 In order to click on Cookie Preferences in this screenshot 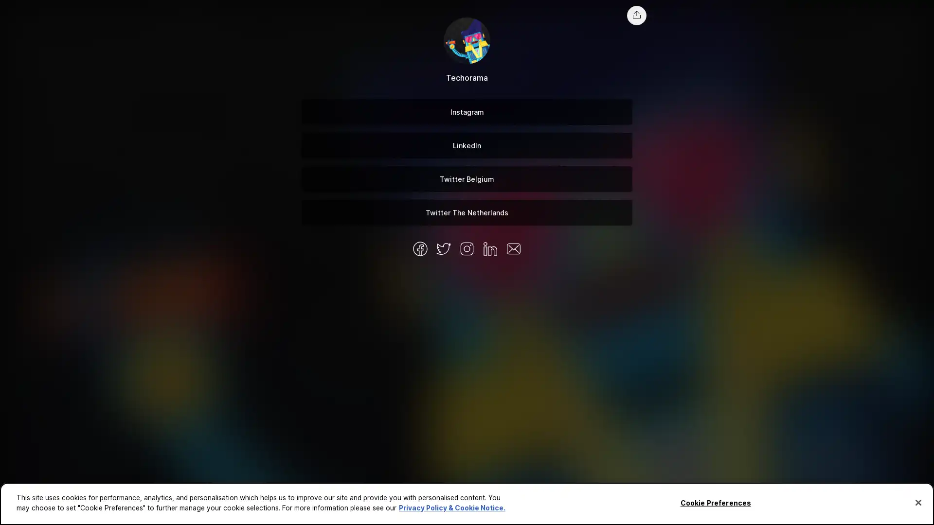, I will do `click(26, 510)`.